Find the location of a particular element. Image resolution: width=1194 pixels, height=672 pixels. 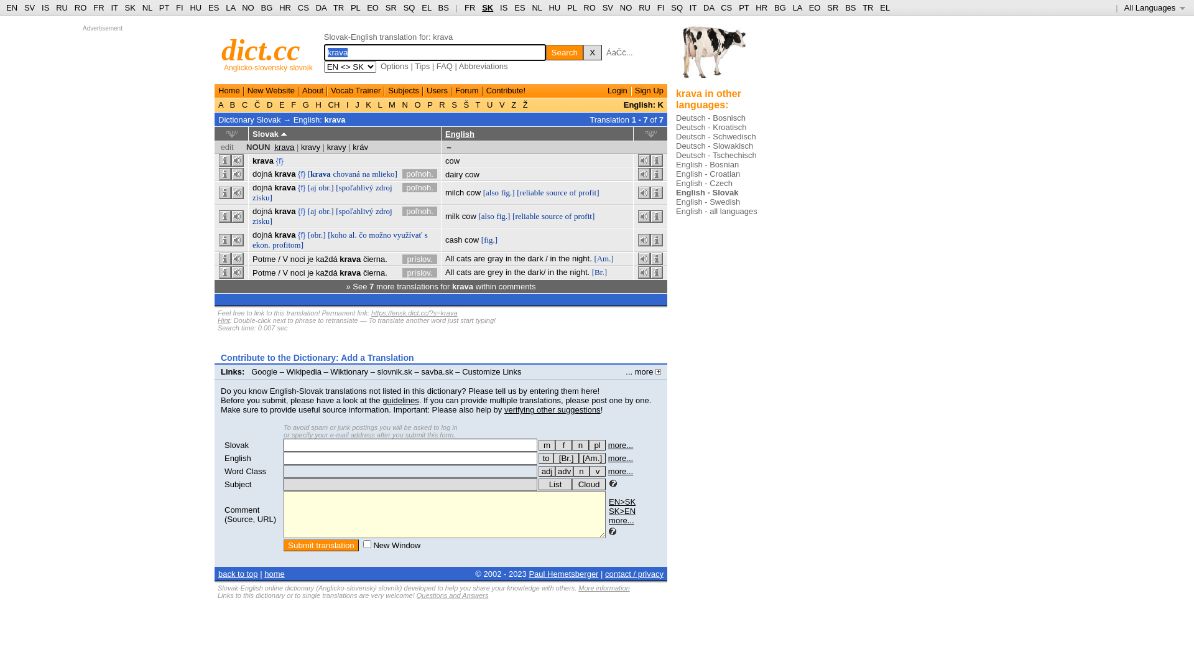

'Dictionary' is located at coordinates (236, 119).